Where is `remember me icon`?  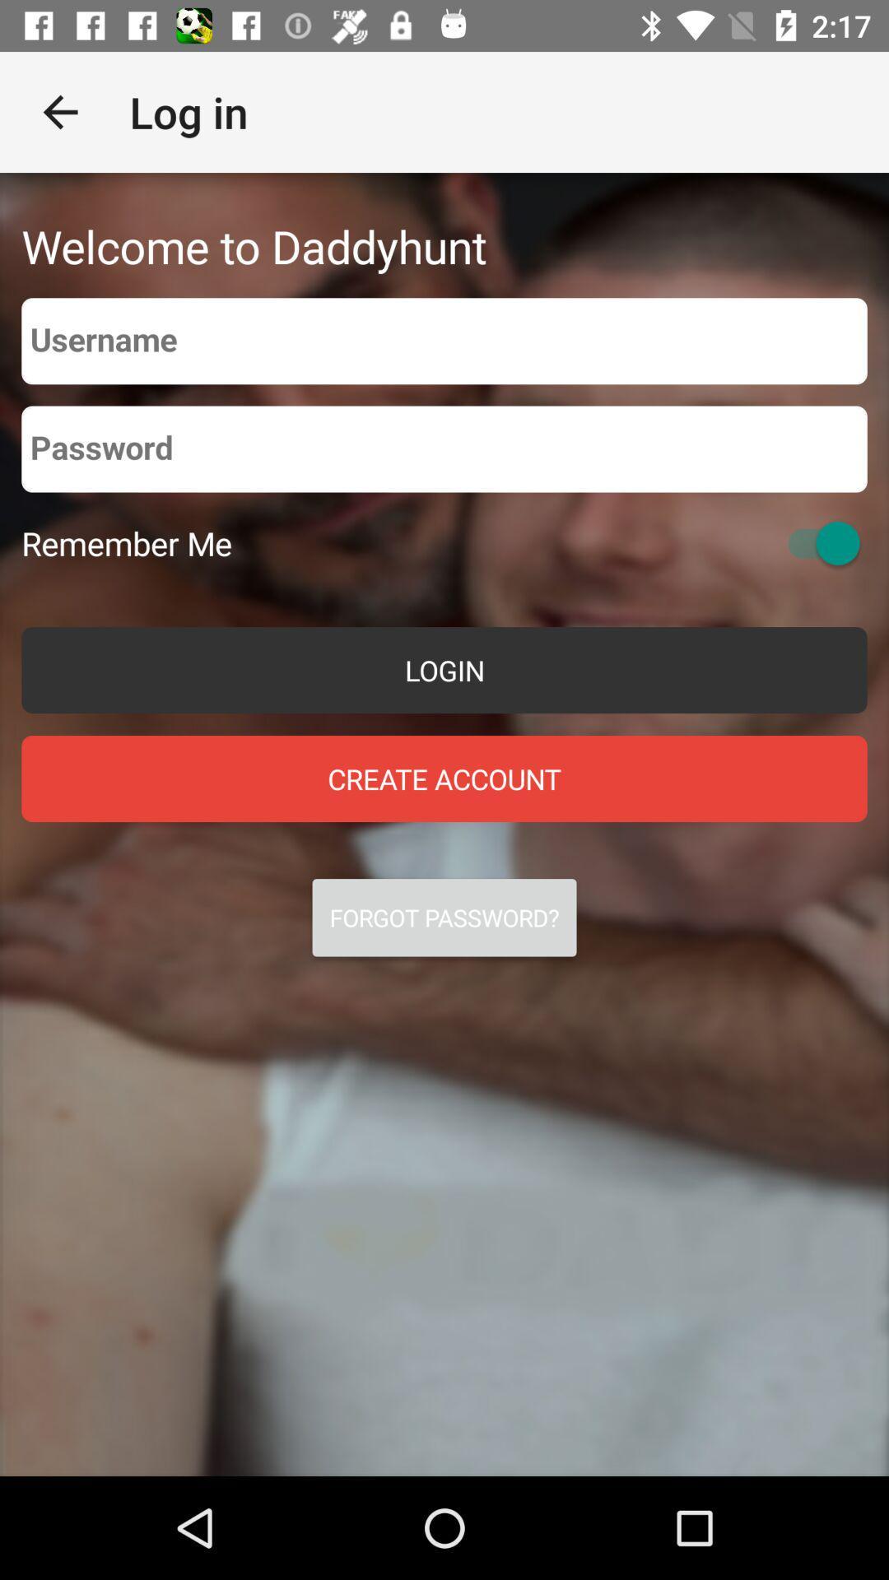
remember me icon is located at coordinates (126, 543).